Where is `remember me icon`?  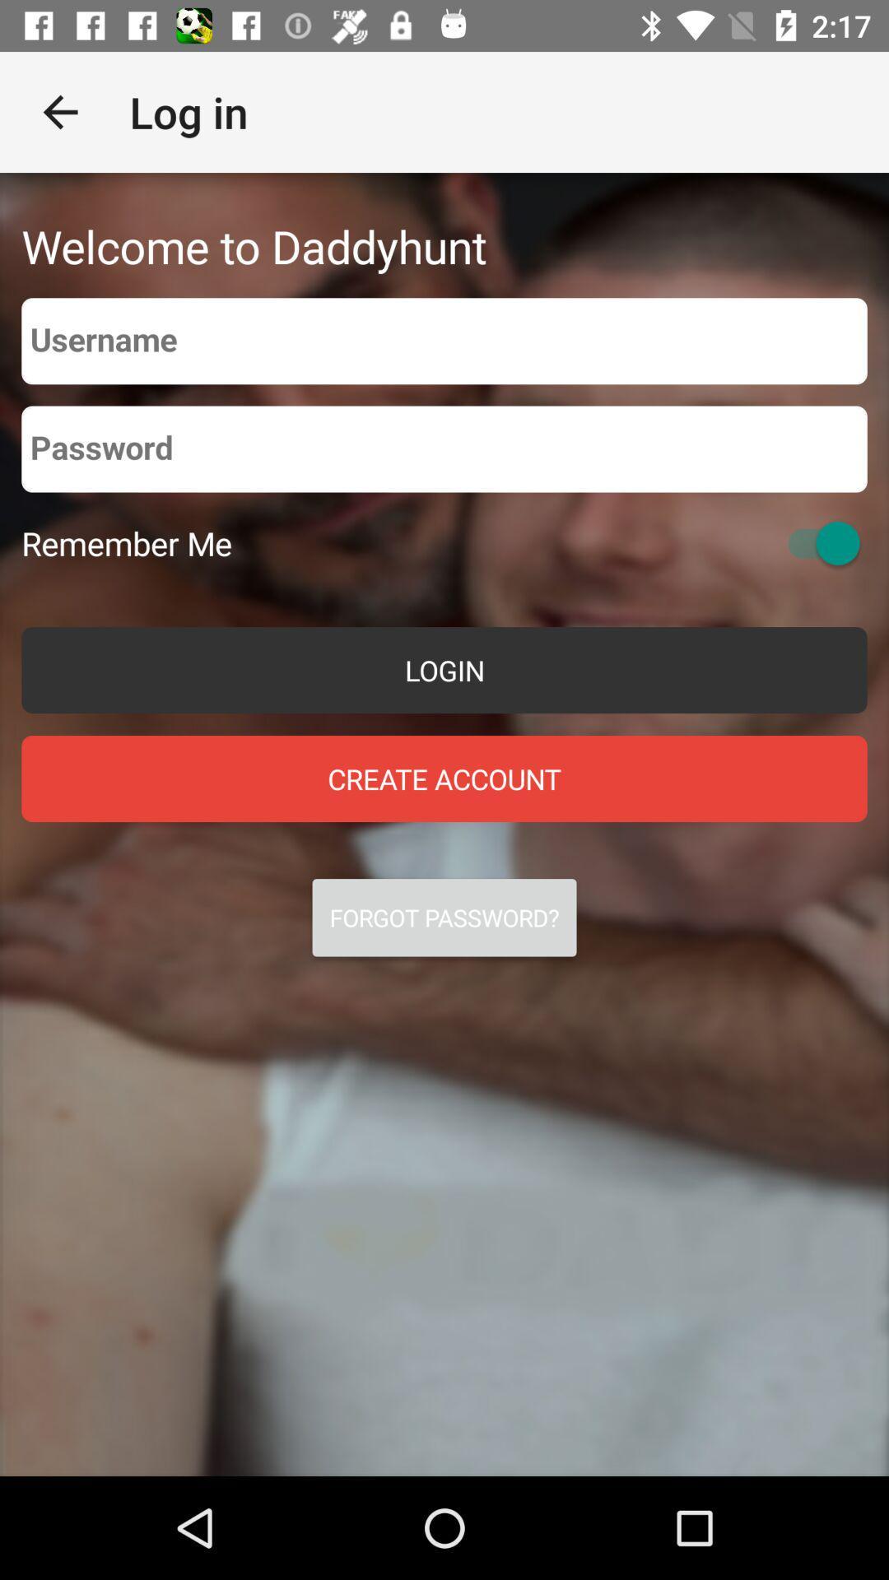
remember me icon is located at coordinates (126, 543).